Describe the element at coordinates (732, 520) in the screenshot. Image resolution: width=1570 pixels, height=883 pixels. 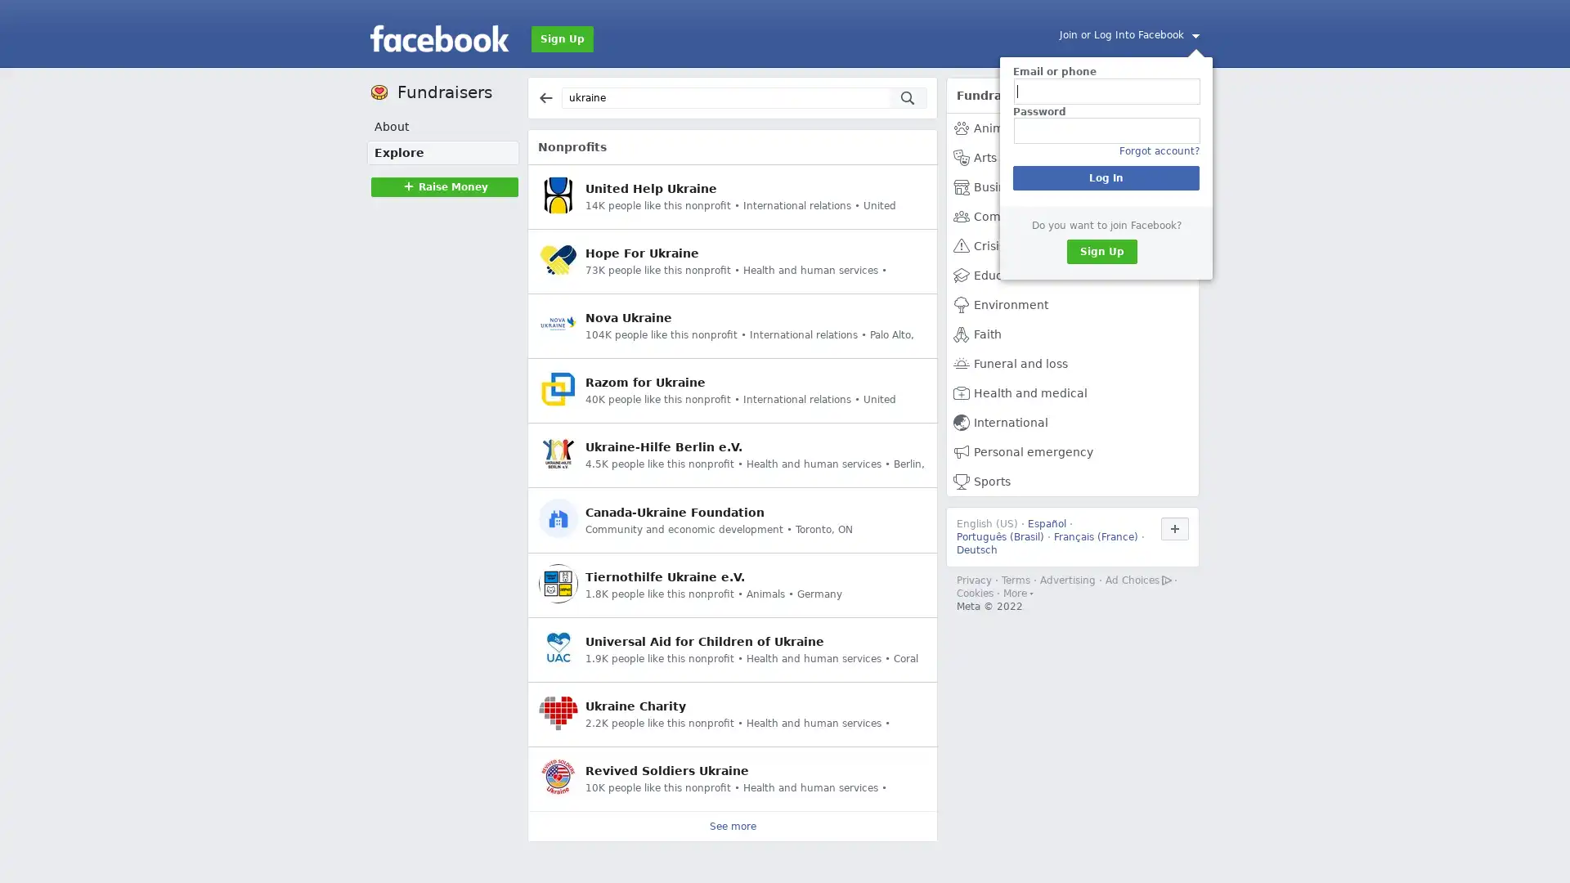
I see `Canada-Ukraine Foundation Community and economic development  Toronto, ON` at that location.